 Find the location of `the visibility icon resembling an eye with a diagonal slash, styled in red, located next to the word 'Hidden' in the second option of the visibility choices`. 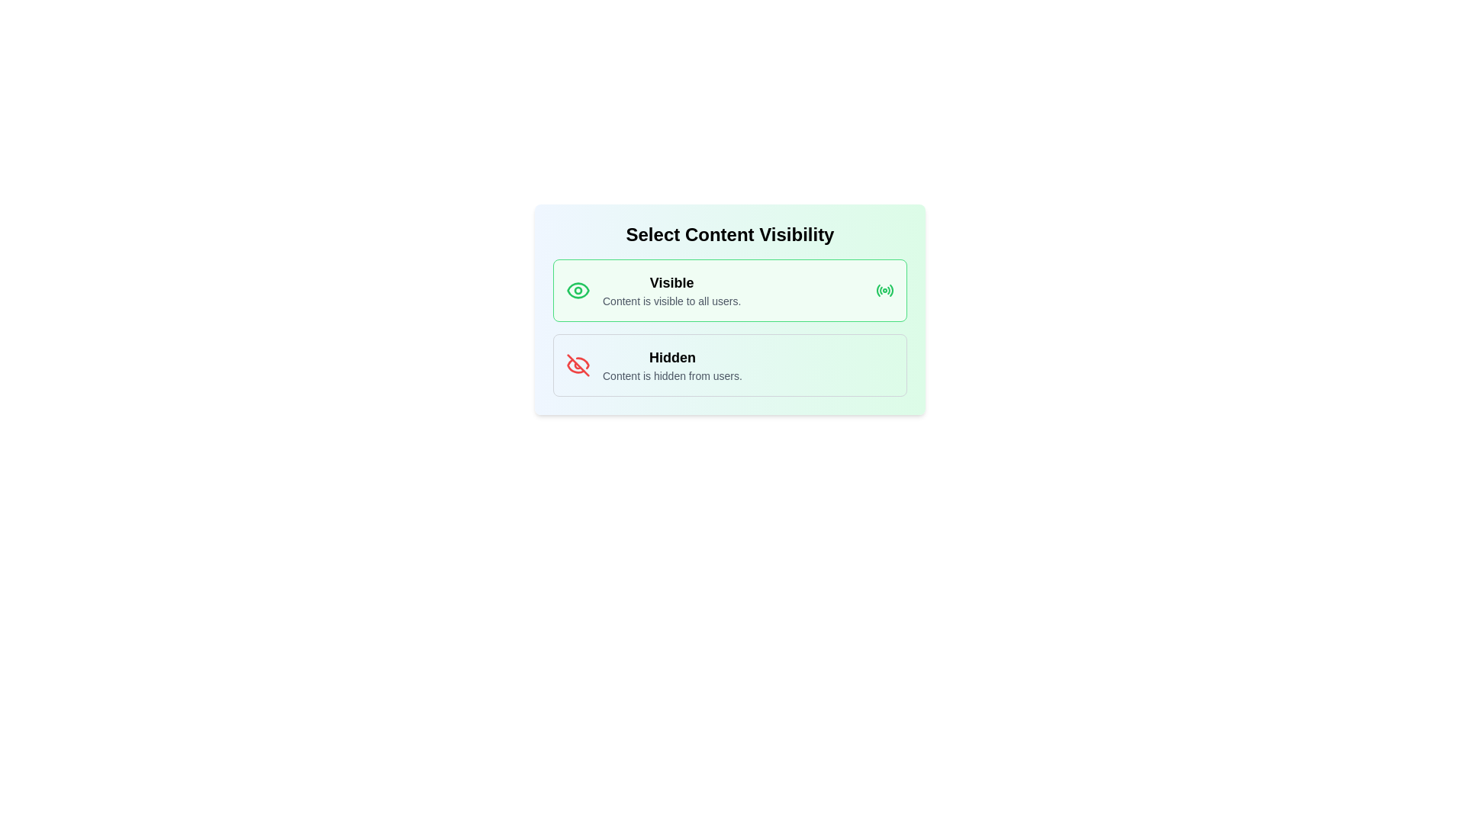

the visibility icon resembling an eye with a diagonal slash, styled in red, located next to the word 'Hidden' in the second option of the visibility choices is located at coordinates (578, 365).